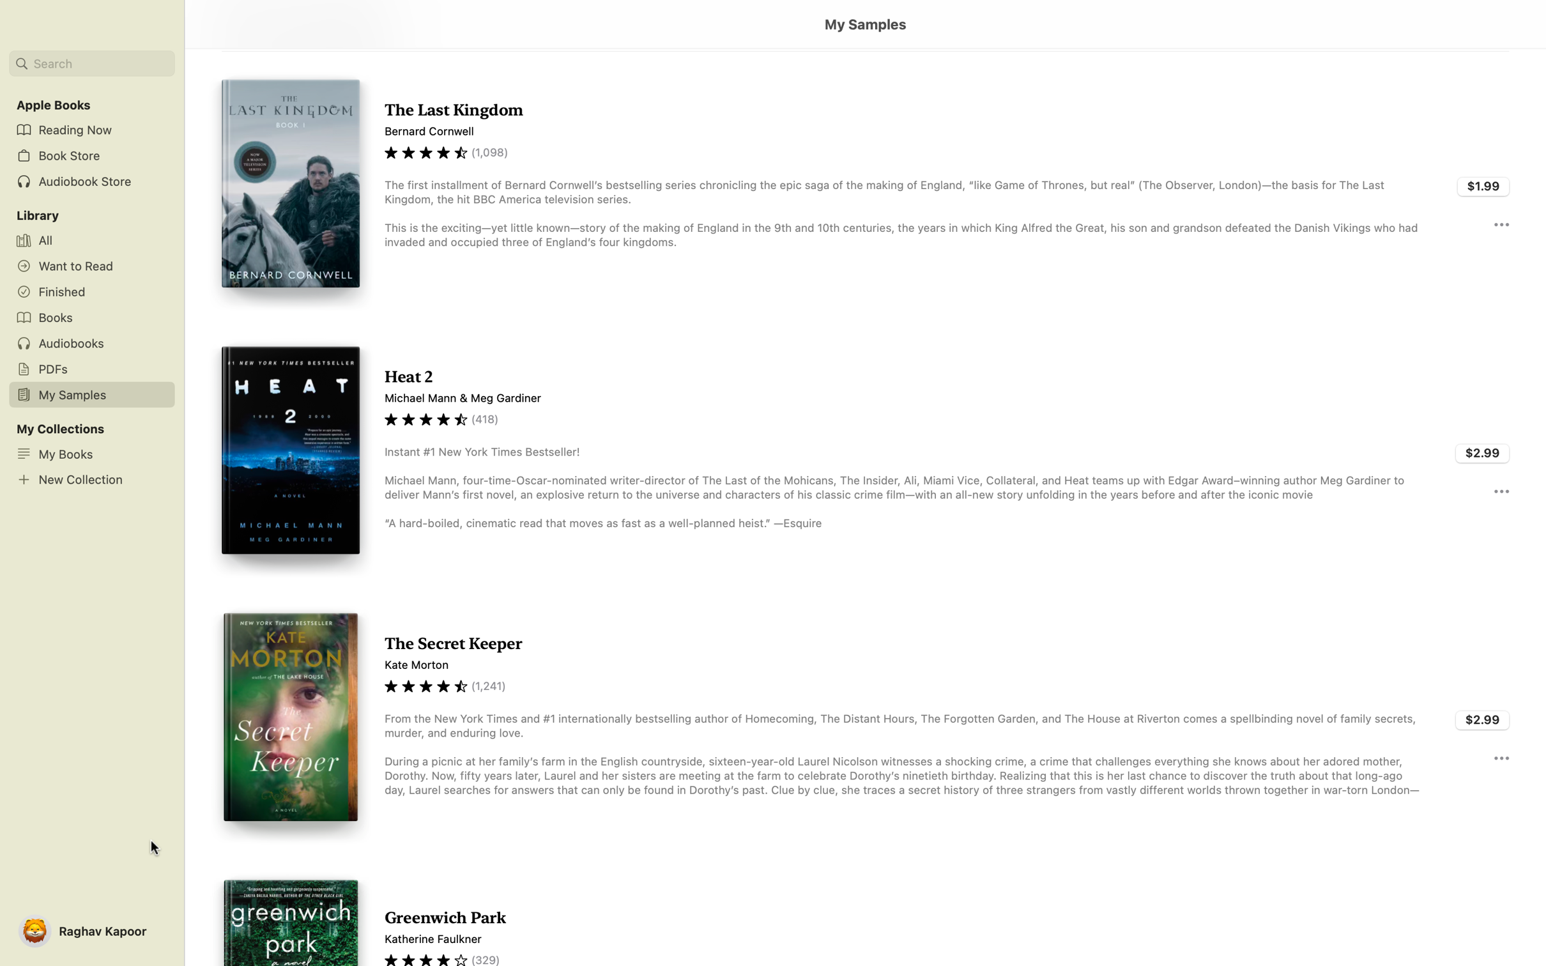  What do you see at coordinates (5040733, 1591002) in the screenshot?
I see `additional choices for "Secret Keeper` at bounding box center [5040733, 1591002].